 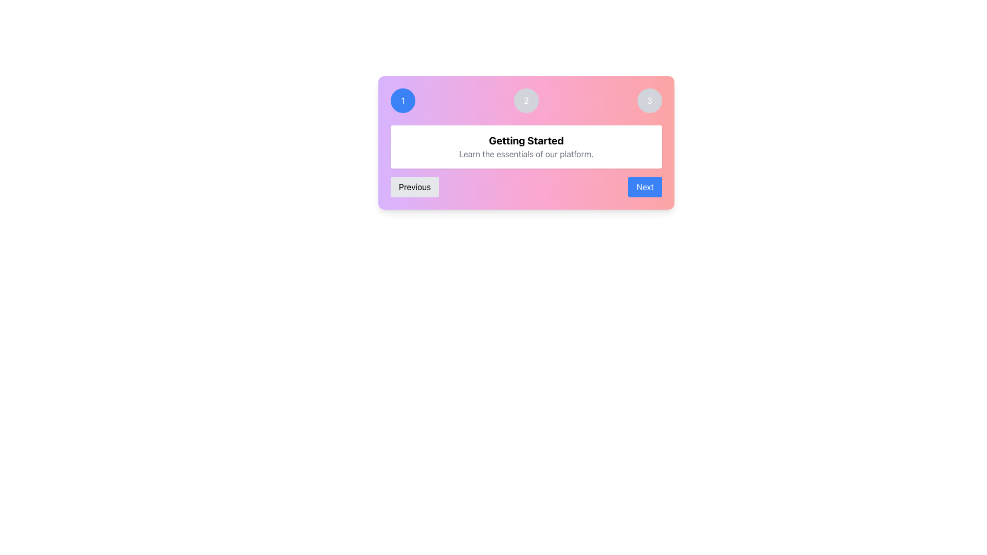 I want to click on the third circular button in the step indicator located at the top of the card-like section, so click(x=649, y=101).